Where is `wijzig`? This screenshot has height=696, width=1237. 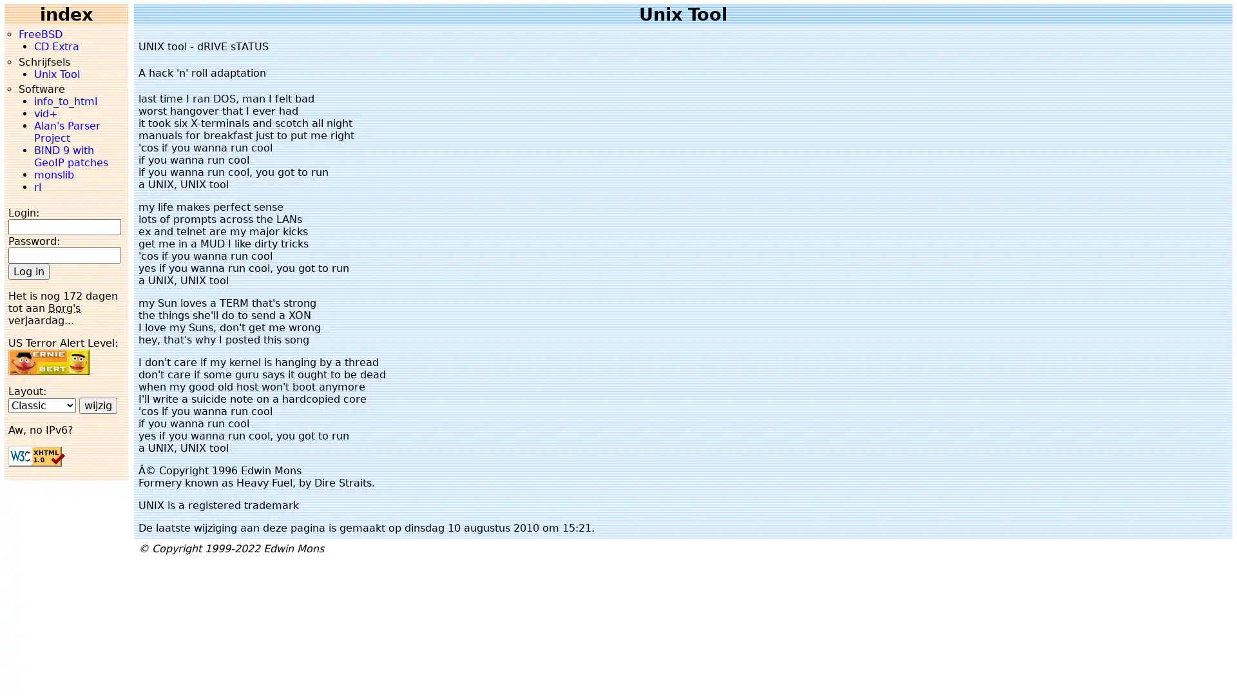
wijzig is located at coordinates (97, 404).